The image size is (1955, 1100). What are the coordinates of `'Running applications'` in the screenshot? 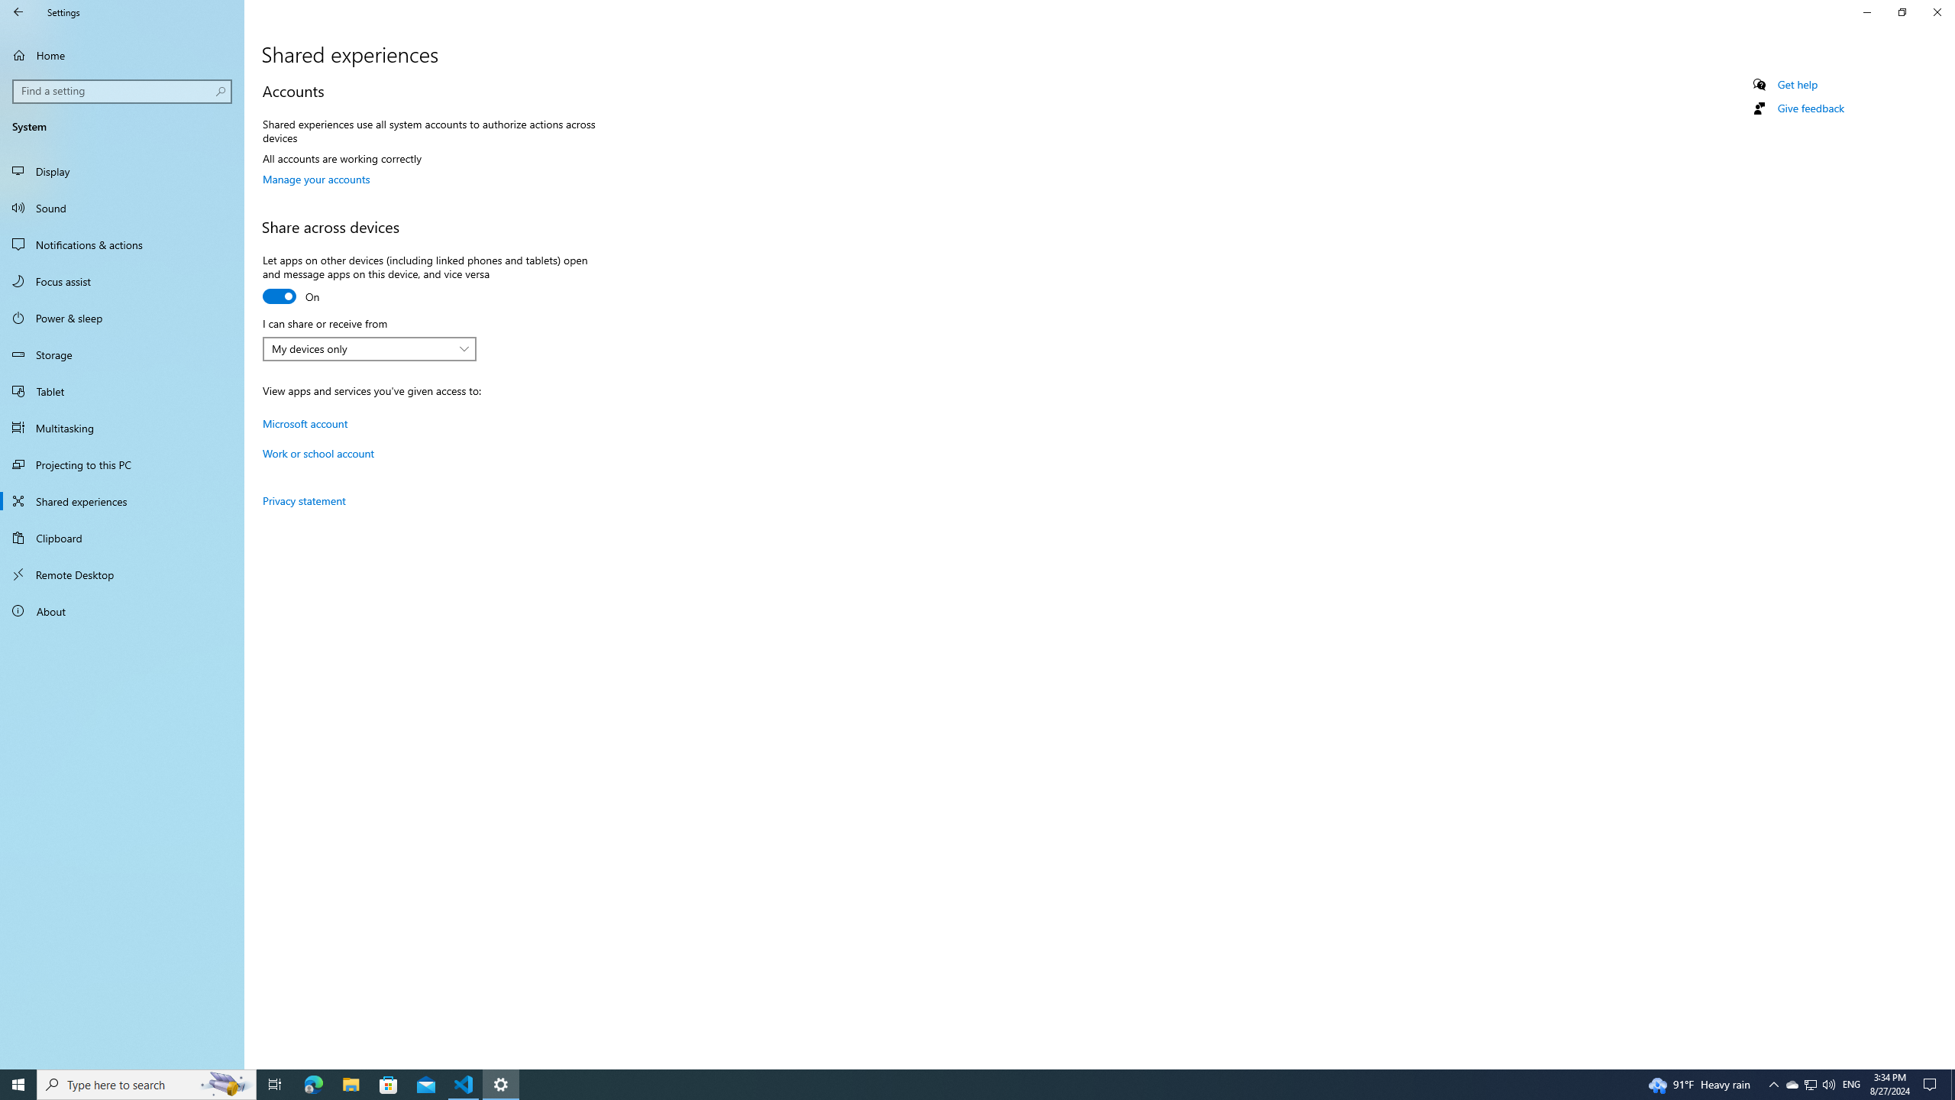 It's located at (948, 1083).